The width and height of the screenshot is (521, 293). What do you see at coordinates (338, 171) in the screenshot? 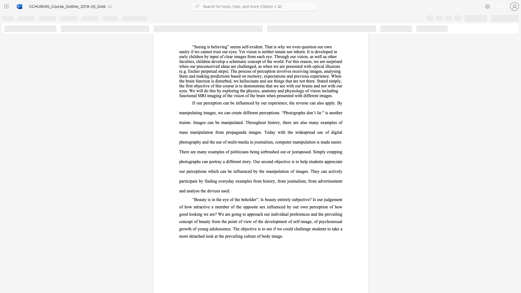
I see `the 19th character "e" in the text` at bounding box center [338, 171].